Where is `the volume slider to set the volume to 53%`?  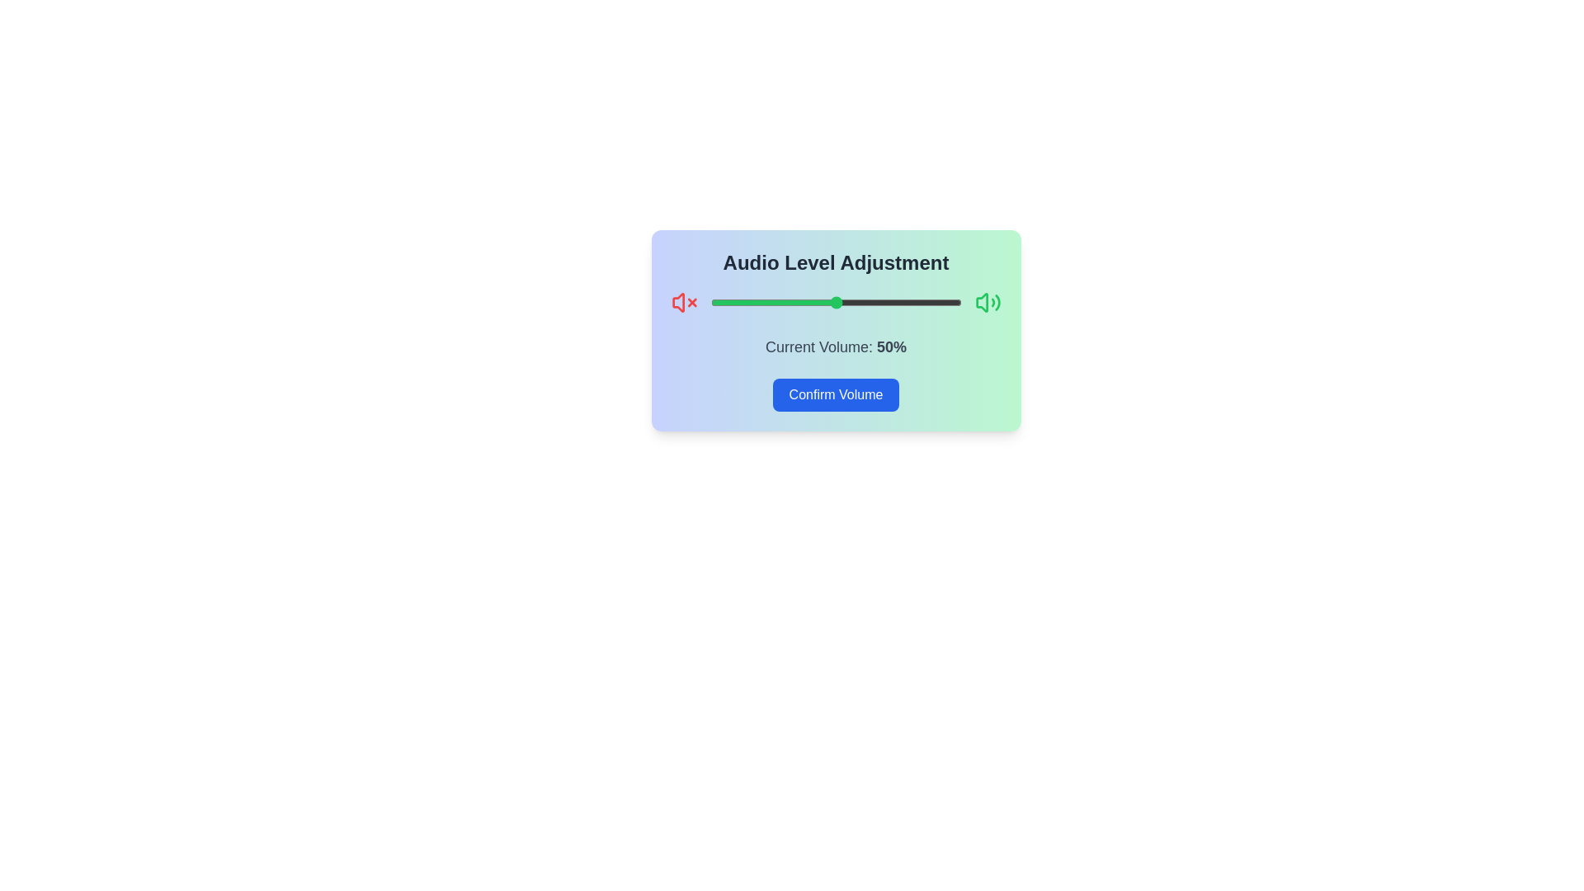
the volume slider to set the volume to 53% is located at coordinates (843, 302).